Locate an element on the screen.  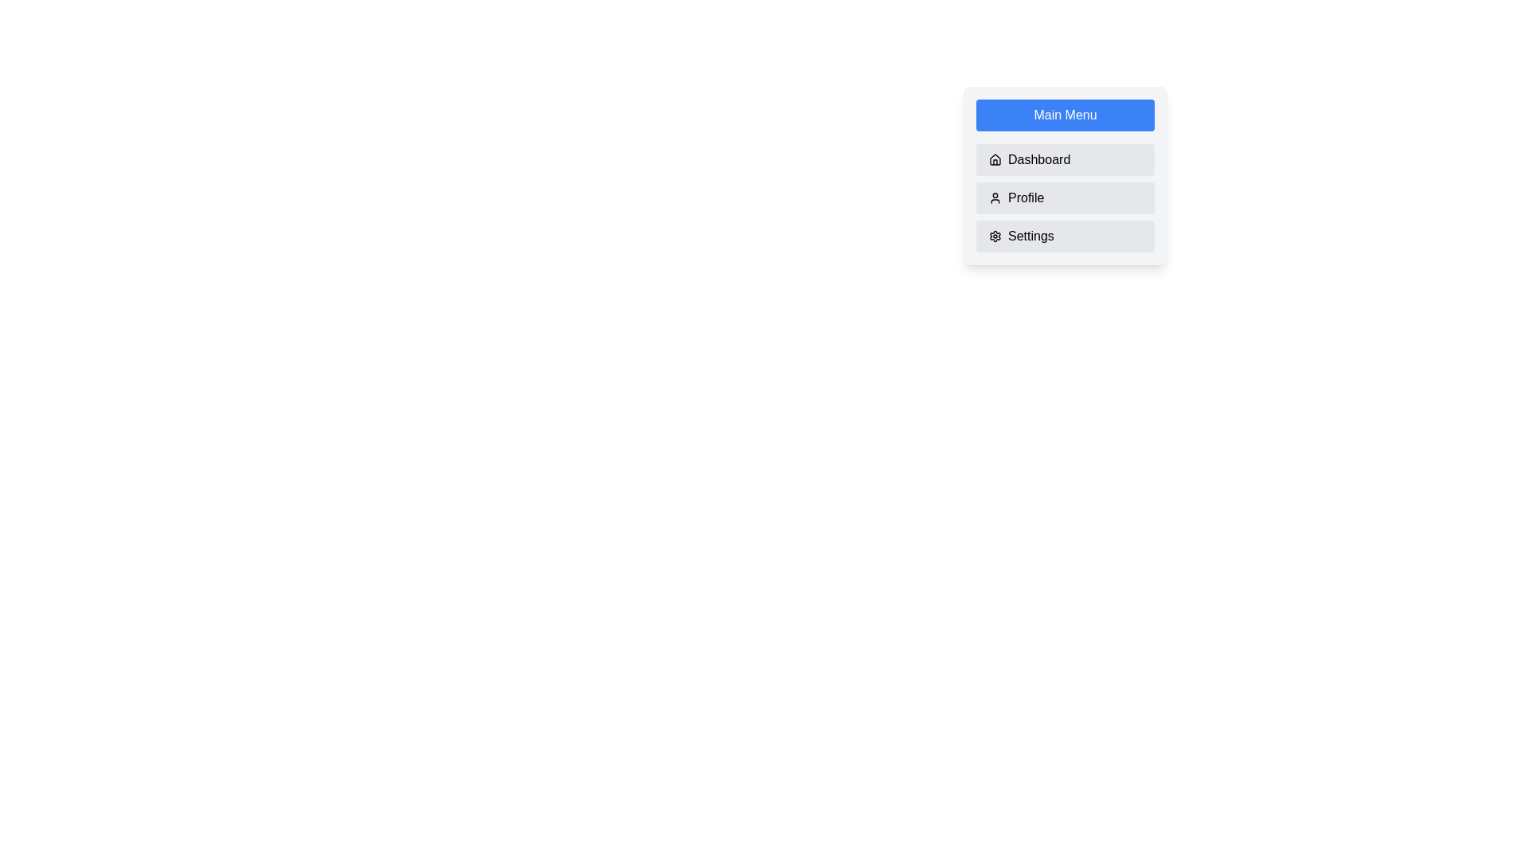
the menu item Dashboard to observe its hover effect is located at coordinates (1066, 159).